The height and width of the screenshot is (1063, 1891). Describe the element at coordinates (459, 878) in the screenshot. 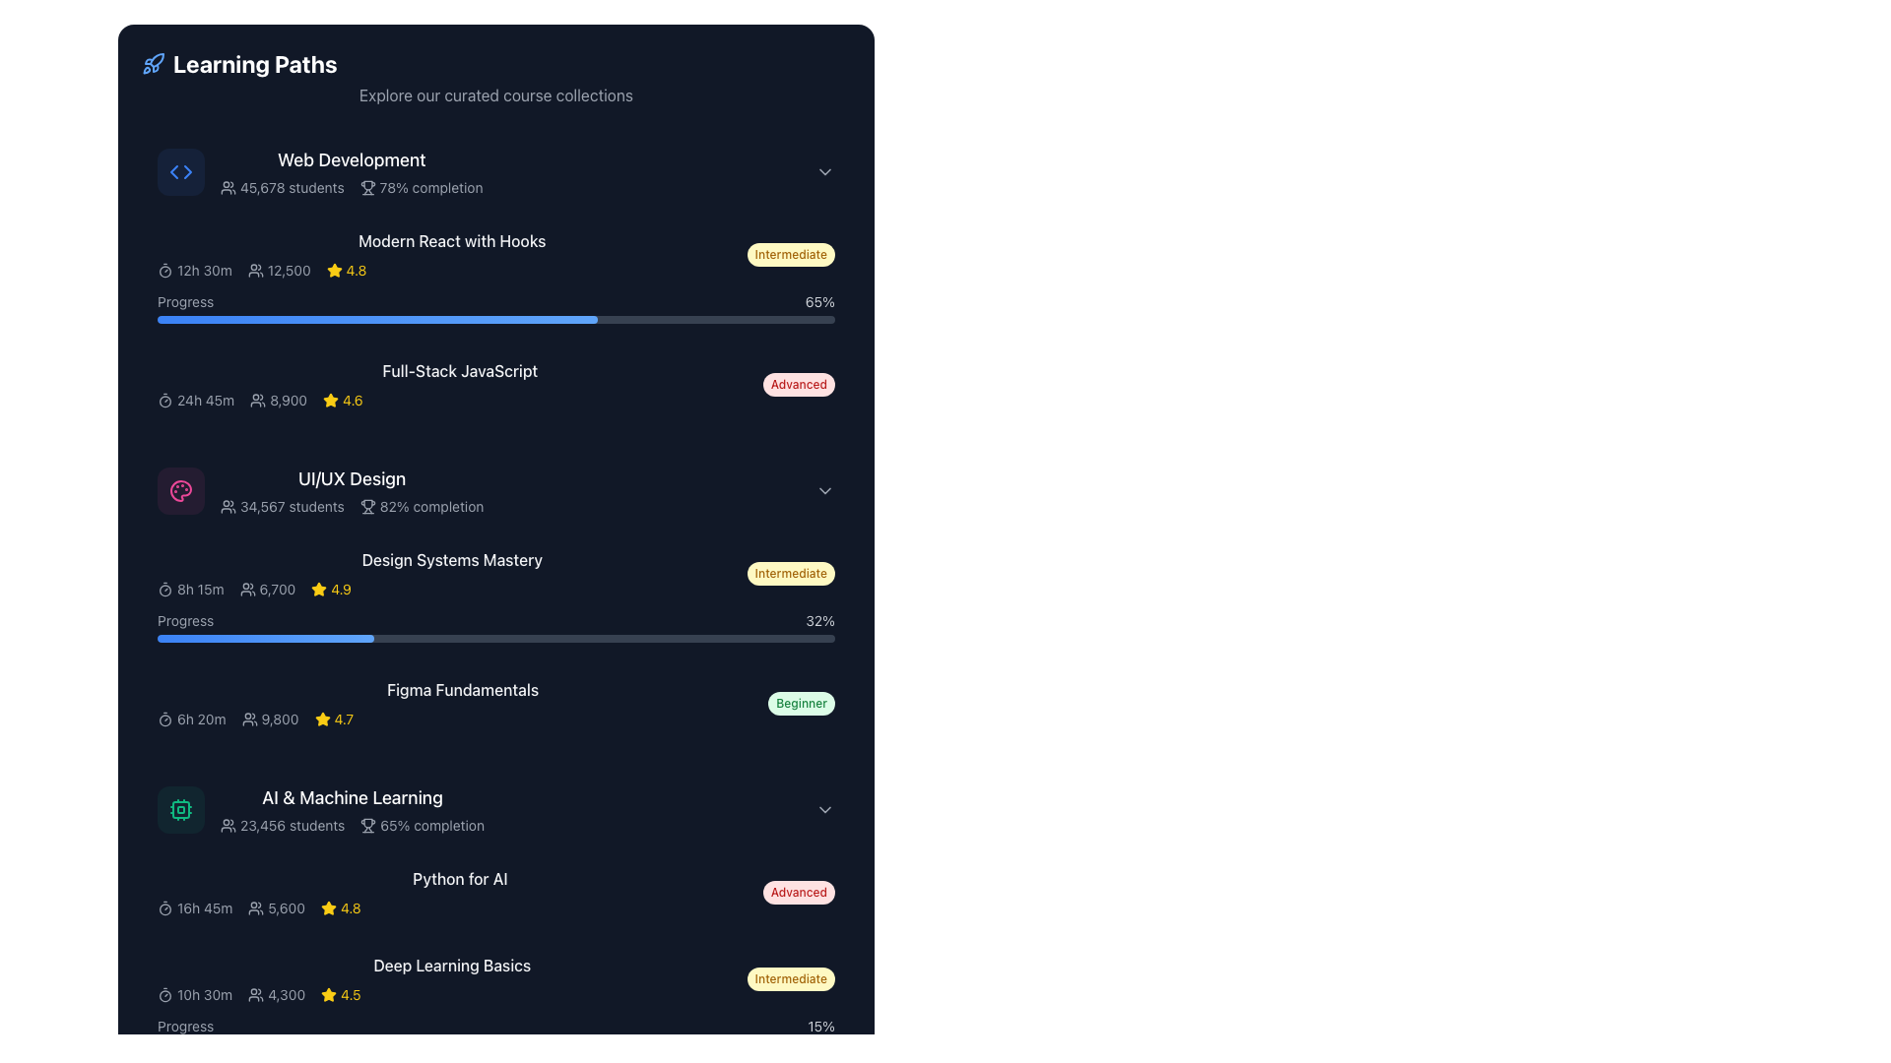

I see `the 'Python for AI' text element located in the 'AI & Machine Learning' section, which is displayed in a medium-sized light gray font against a dark background, if it becomes interactive` at that location.